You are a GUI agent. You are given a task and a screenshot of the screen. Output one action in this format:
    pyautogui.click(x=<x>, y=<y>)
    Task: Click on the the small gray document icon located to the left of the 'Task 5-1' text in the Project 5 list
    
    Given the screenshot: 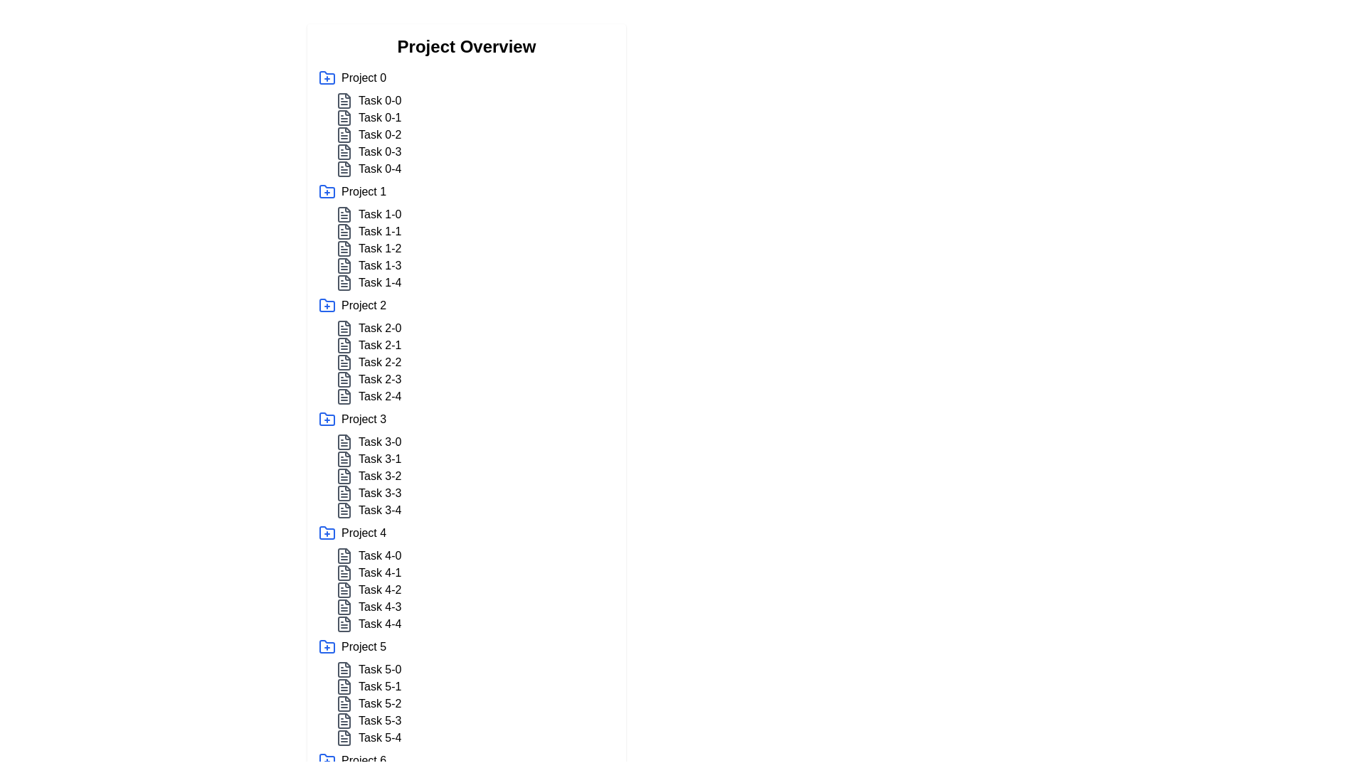 What is the action you would take?
    pyautogui.click(x=344, y=686)
    